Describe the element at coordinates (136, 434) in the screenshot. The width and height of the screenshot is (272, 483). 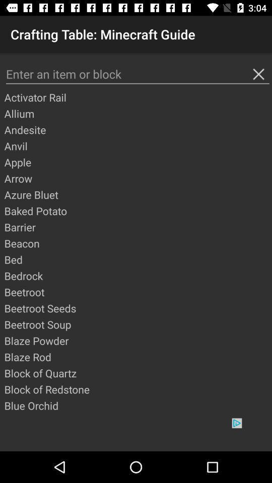
I see `the app below blue orchid` at that location.